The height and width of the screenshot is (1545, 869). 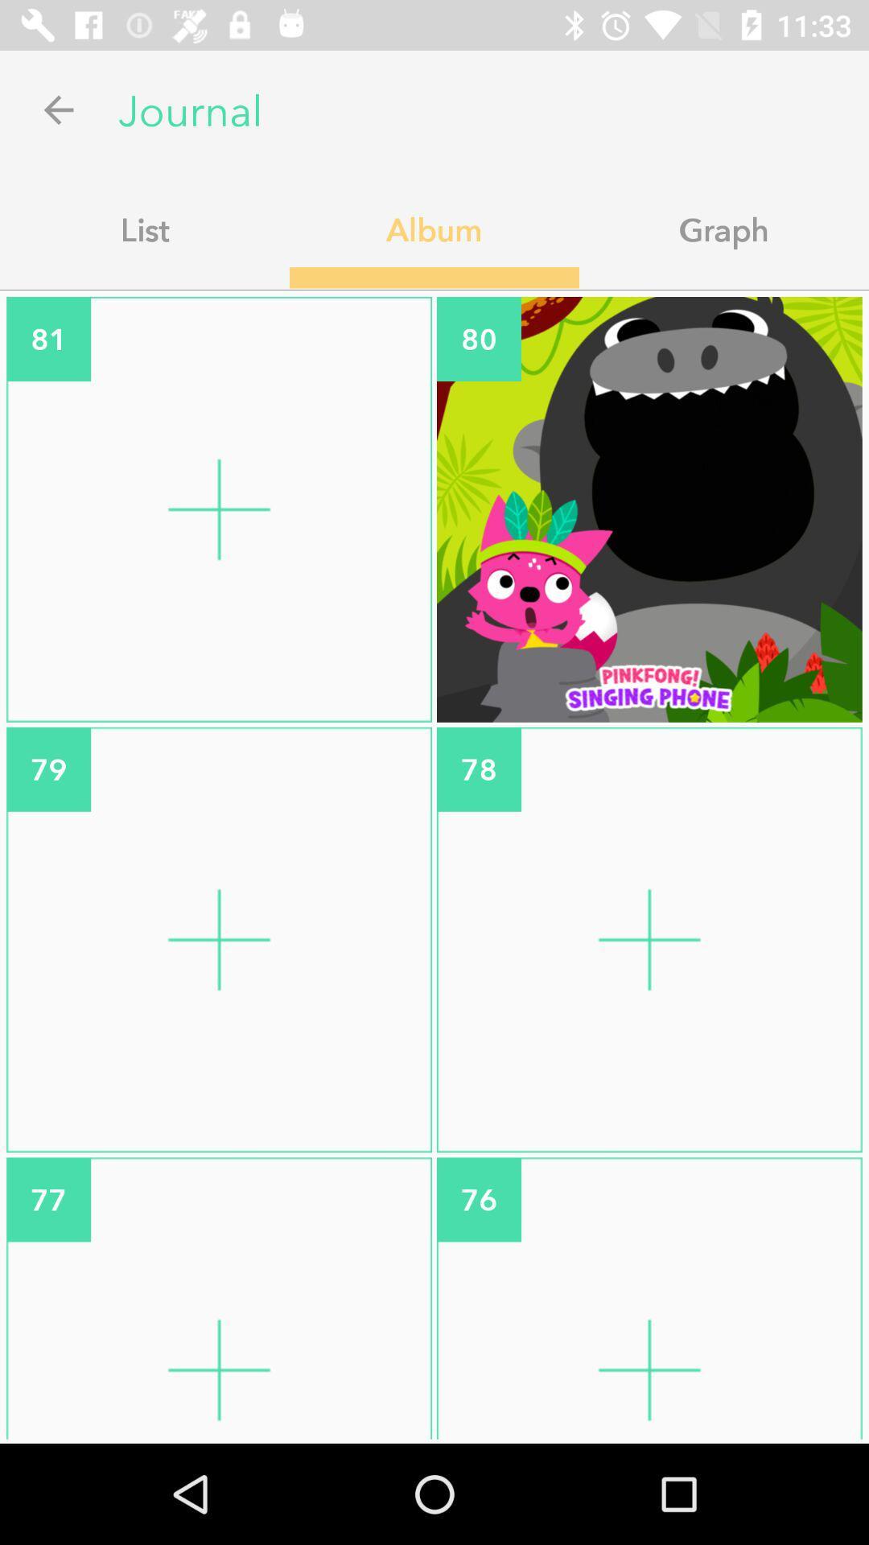 What do you see at coordinates (723, 229) in the screenshot?
I see `app next to album app` at bounding box center [723, 229].